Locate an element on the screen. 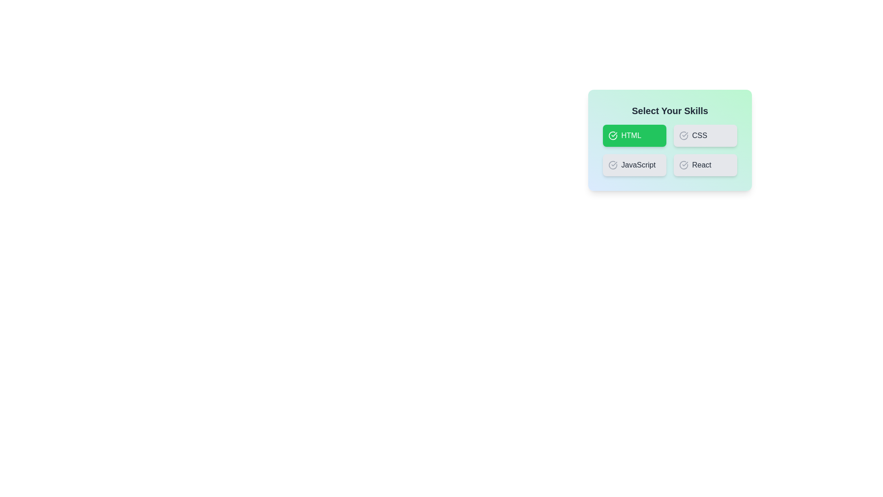 Image resolution: width=883 pixels, height=497 pixels. the skill JavaScript to observe visual feedback is located at coordinates (634, 164).